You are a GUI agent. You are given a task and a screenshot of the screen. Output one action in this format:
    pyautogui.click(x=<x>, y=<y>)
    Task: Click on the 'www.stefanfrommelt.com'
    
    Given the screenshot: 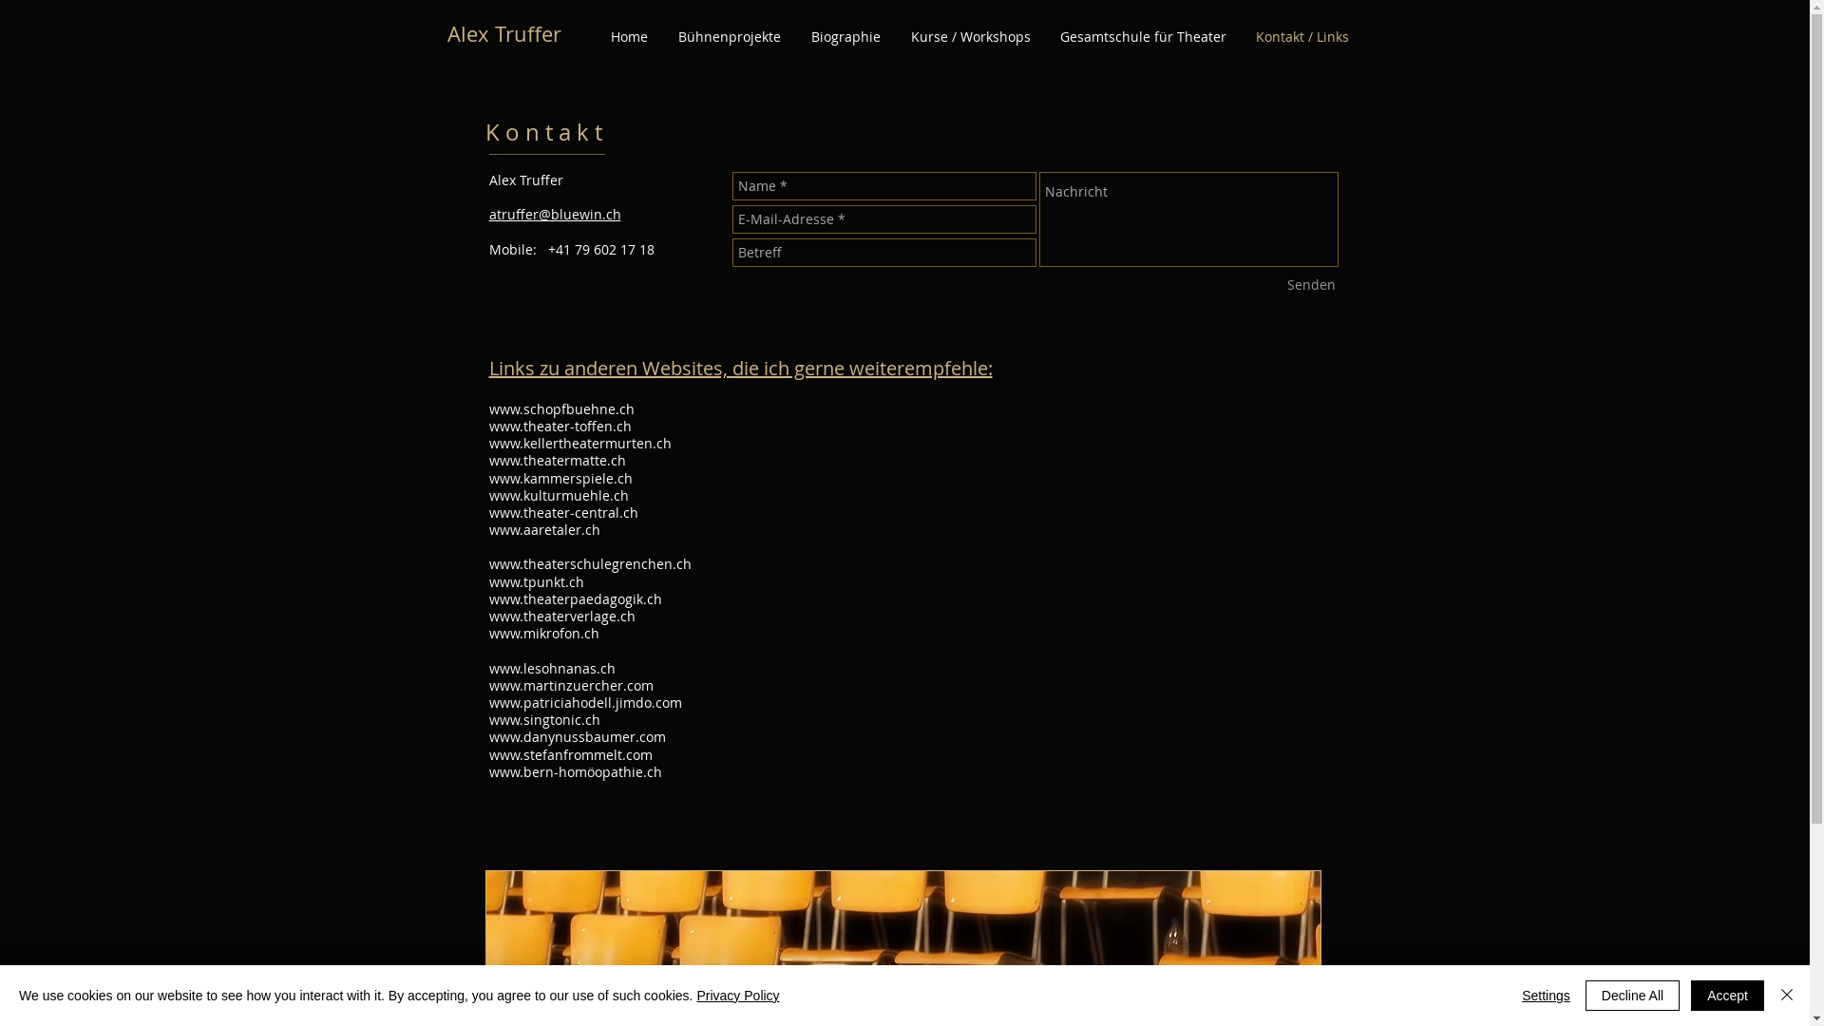 What is the action you would take?
    pyautogui.click(x=569, y=753)
    